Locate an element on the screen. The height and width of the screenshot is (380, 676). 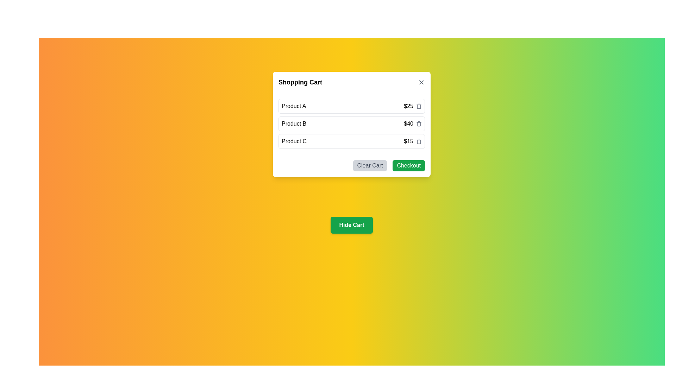
the leftmost button in the pop-up shopping cart interface to clear all items from the cart is located at coordinates (370, 165).